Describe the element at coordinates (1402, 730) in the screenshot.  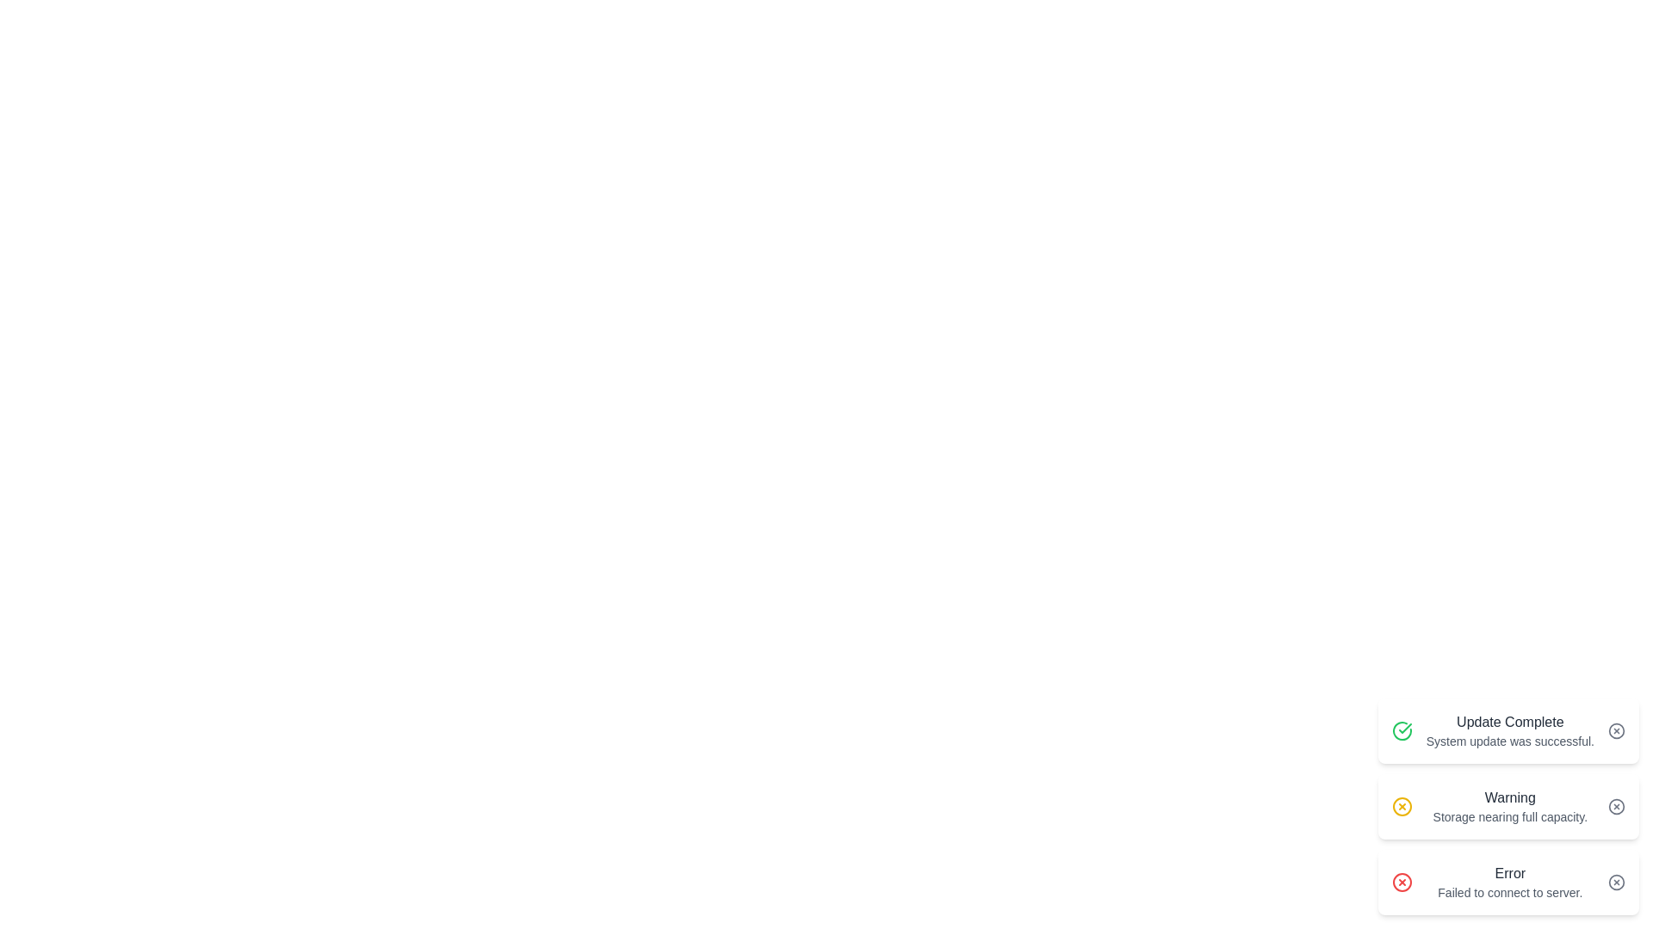
I see `the green circular icon with a checkmark symbol that indicates success, located to the left of the message 'Update Complete' in the notification card` at that location.